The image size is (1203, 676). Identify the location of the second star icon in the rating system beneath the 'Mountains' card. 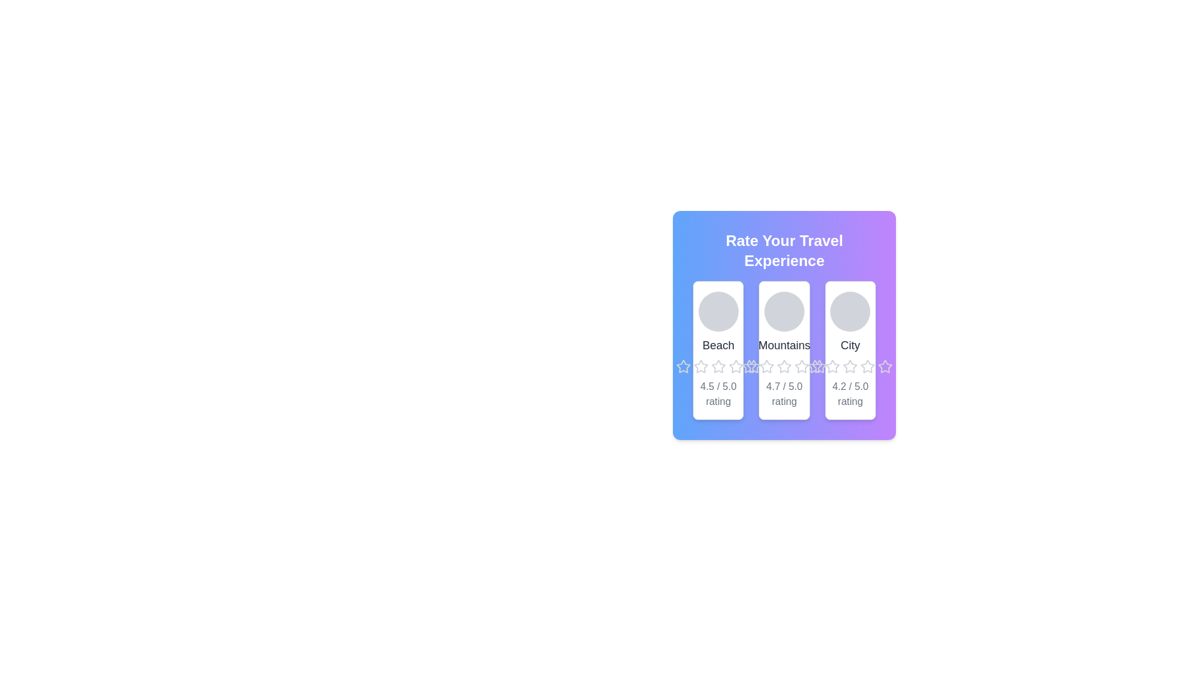
(753, 366).